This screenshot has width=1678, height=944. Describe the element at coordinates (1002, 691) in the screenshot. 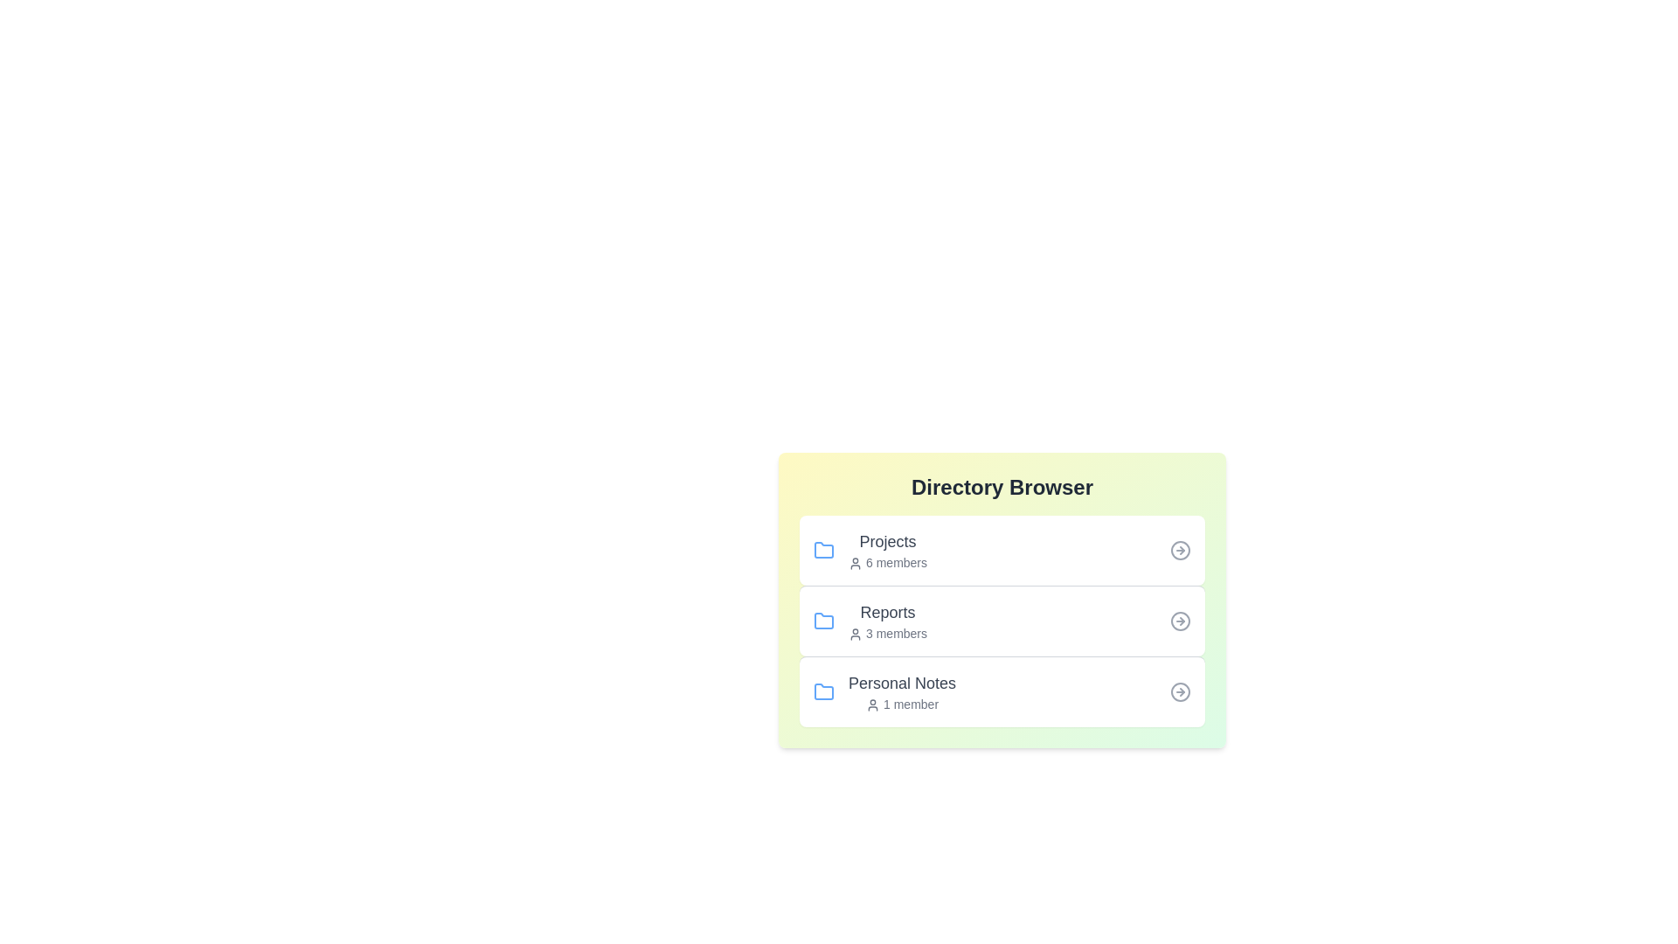

I see `the list item corresponding to Personal Notes` at that location.